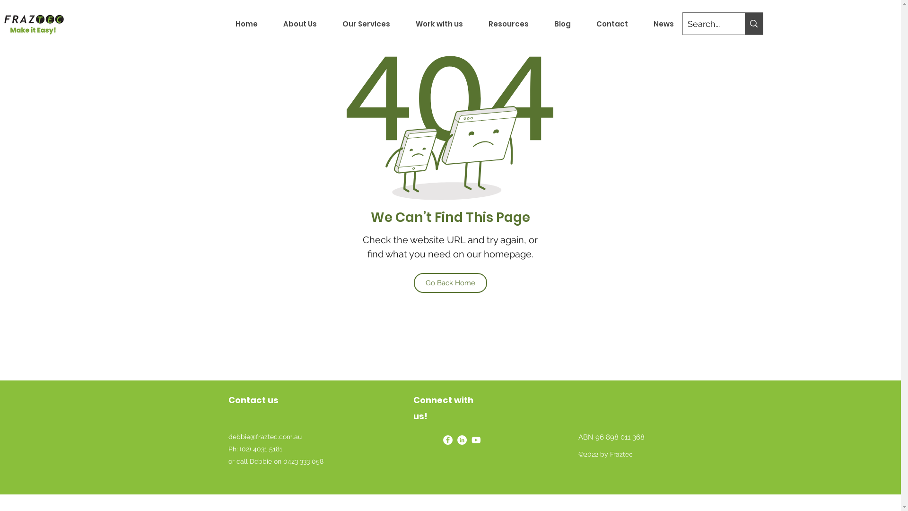 This screenshot has height=511, width=908. I want to click on 'Contact', so click(612, 23).